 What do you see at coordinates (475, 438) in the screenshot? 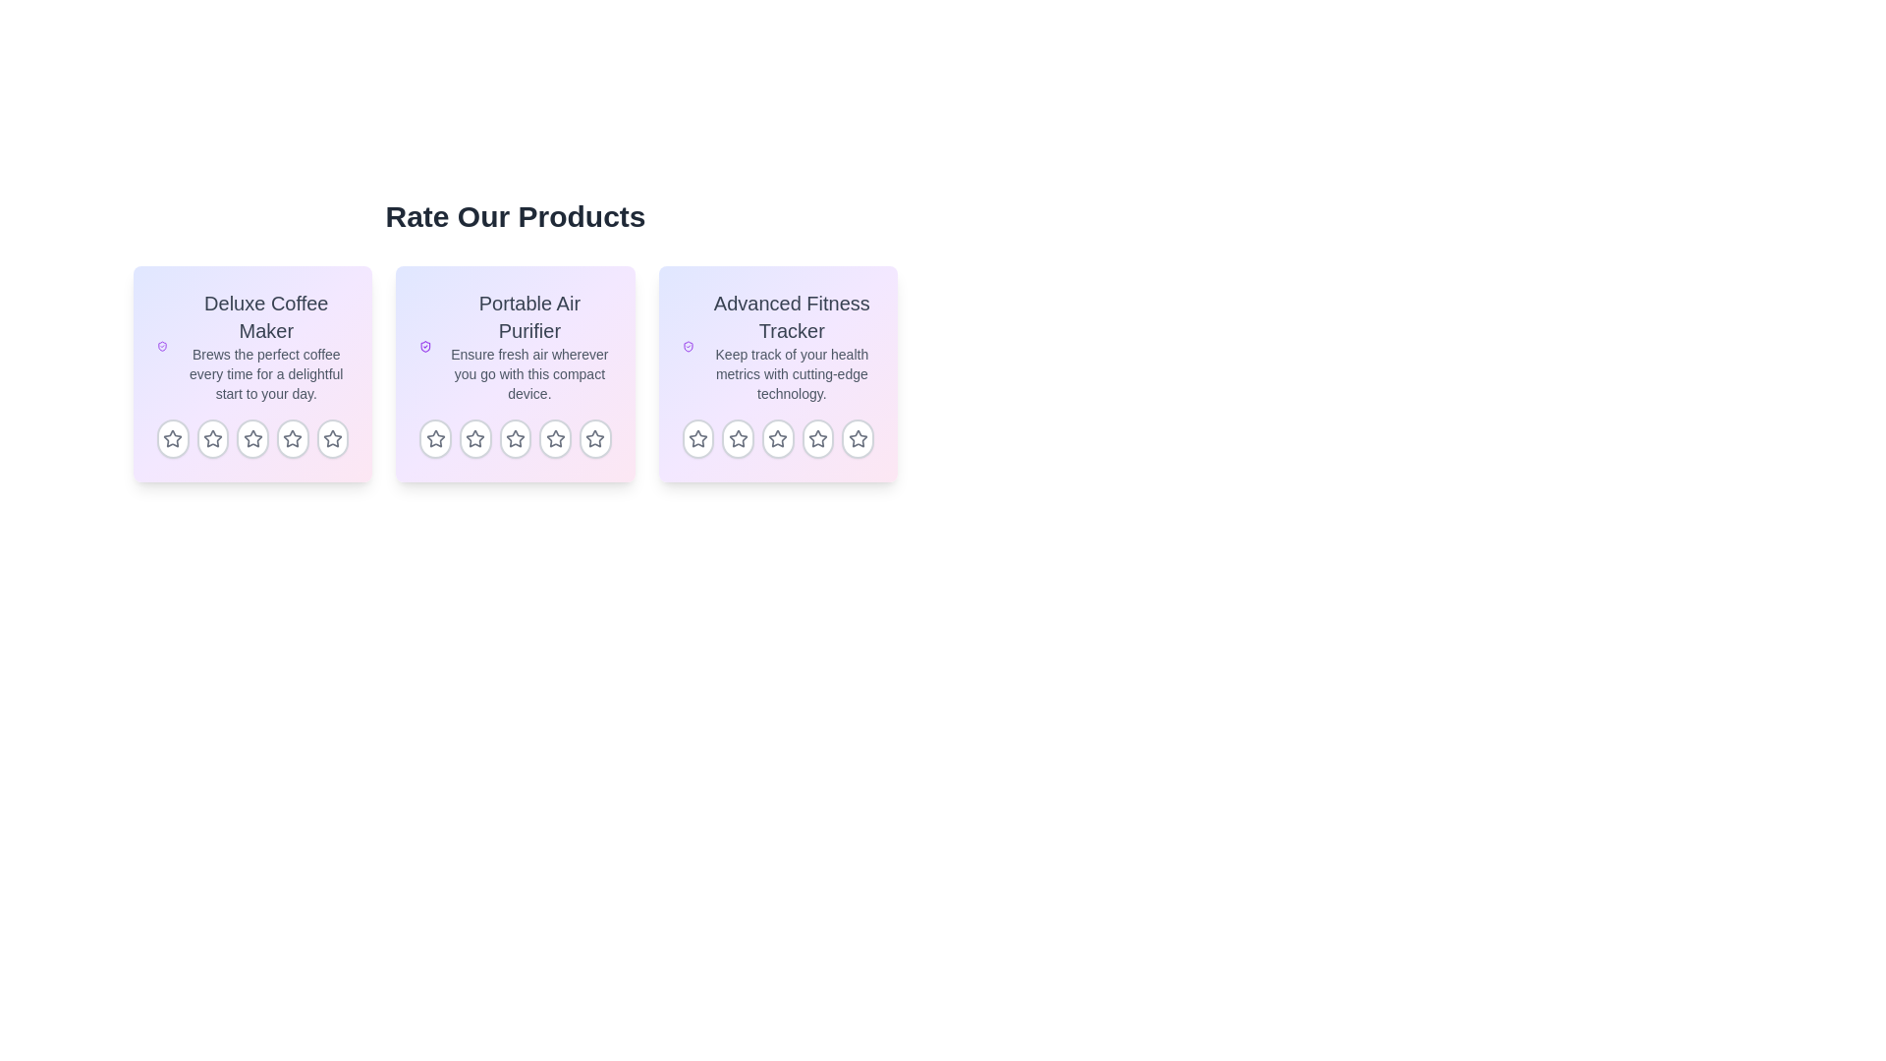
I see `the second star rating button for the 'Portable Air Purifier' product to scale it` at bounding box center [475, 438].